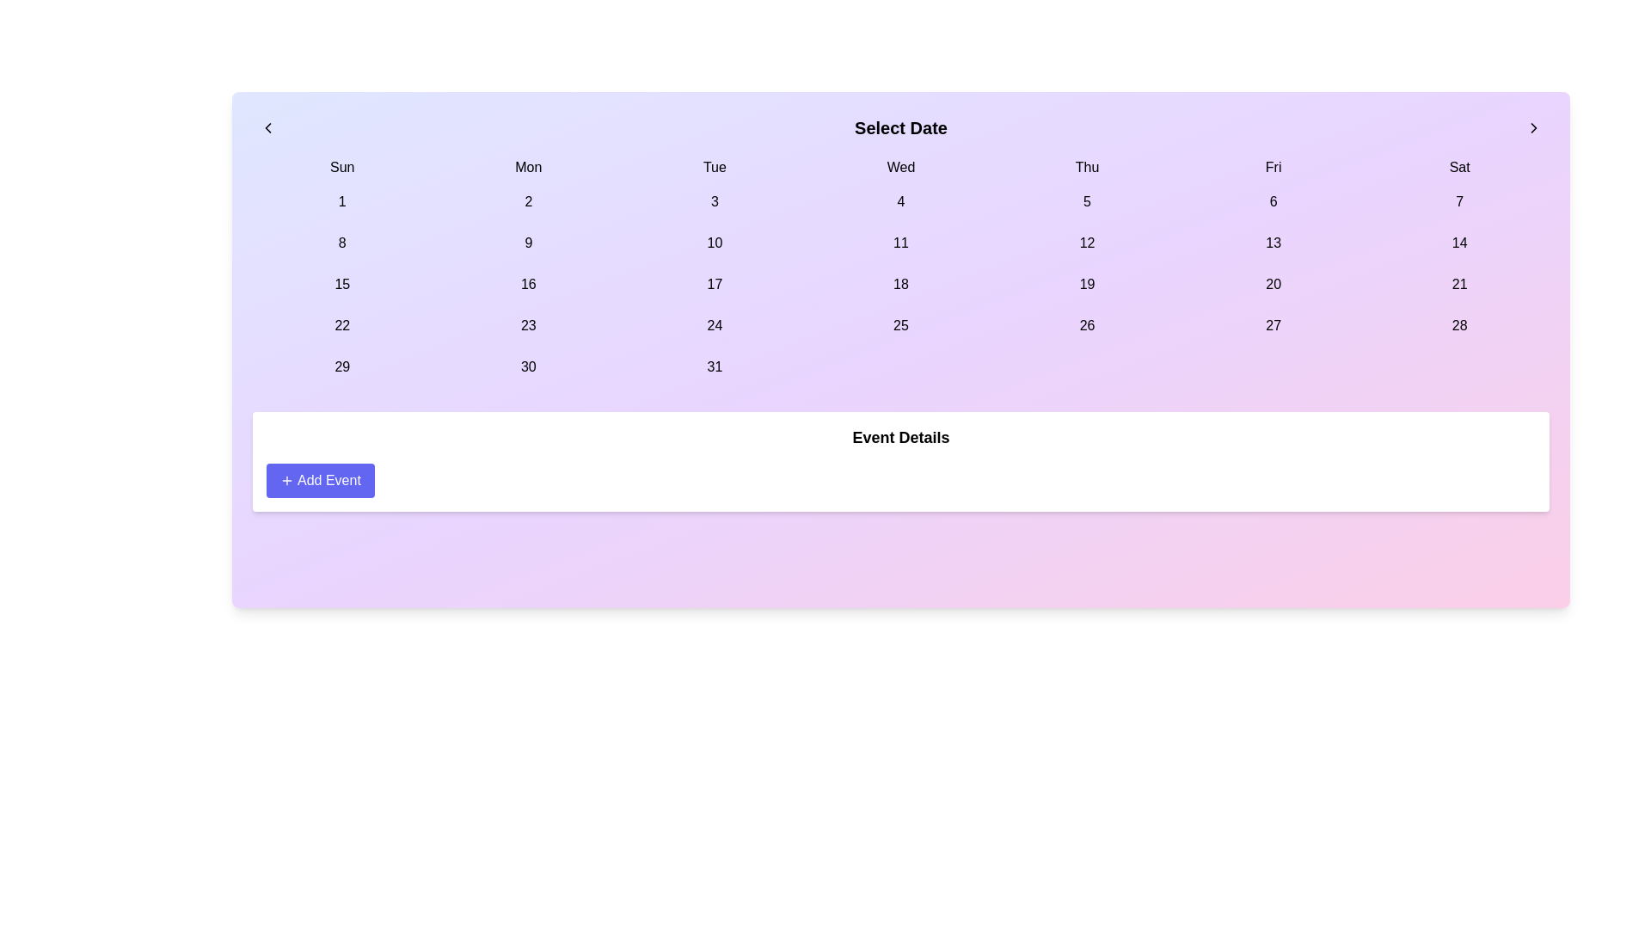 This screenshot has height=929, width=1651. What do you see at coordinates (1458, 201) in the screenshot?
I see `the button representing the date '7'` at bounding box center [1458, 201].